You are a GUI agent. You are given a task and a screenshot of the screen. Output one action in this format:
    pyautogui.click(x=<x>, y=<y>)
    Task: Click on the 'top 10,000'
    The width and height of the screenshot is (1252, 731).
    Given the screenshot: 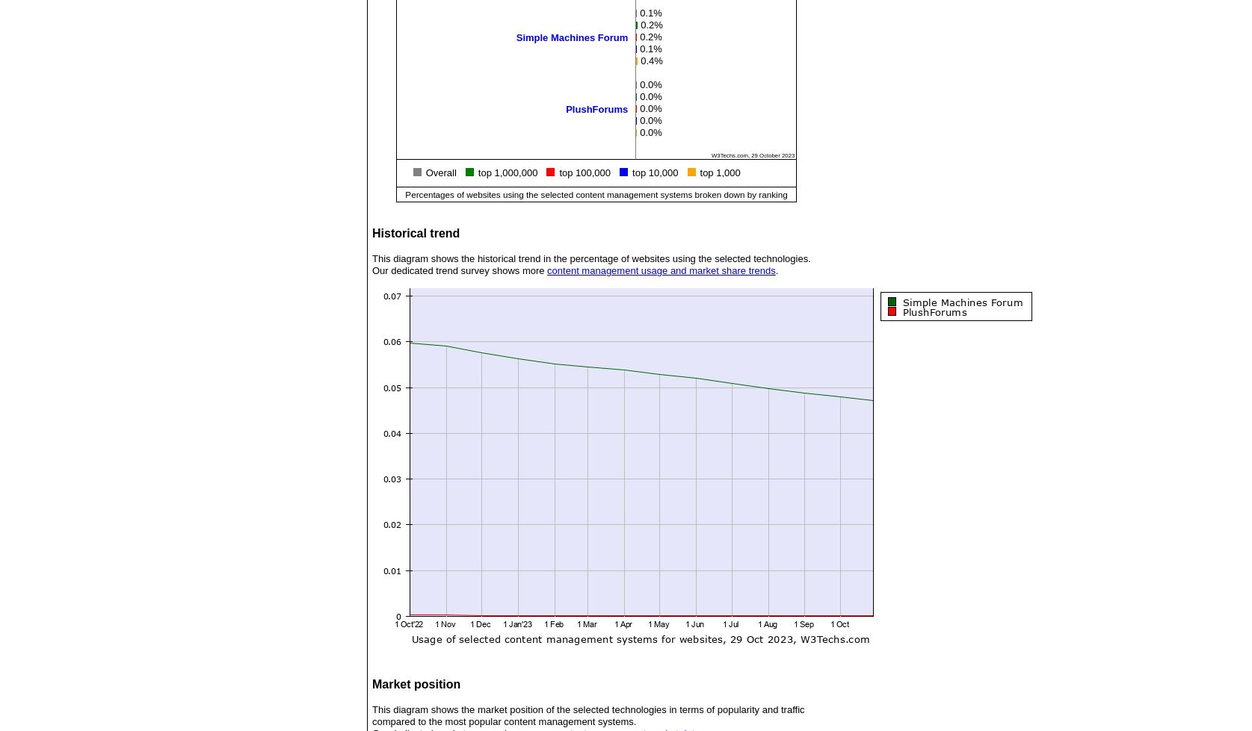 What is the action you would take?
    pyautogui.click(x=654, y=172)
    